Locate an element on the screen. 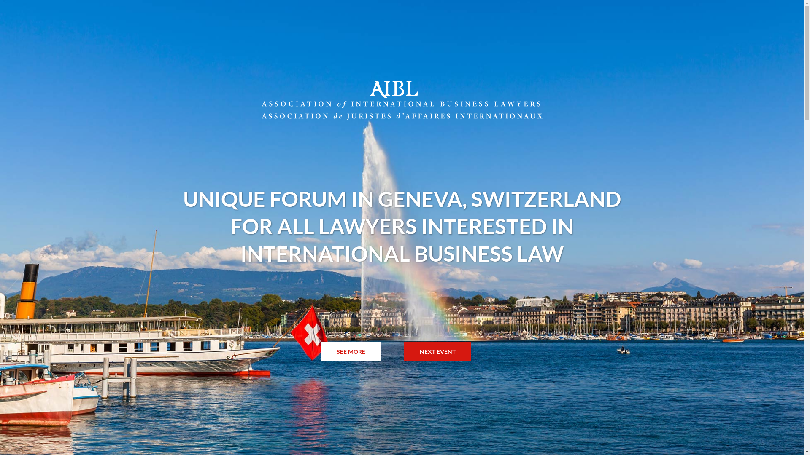 This screenshot has width=810, height=455. 'NEXT EVENT' is located at coordinates (404, 351).